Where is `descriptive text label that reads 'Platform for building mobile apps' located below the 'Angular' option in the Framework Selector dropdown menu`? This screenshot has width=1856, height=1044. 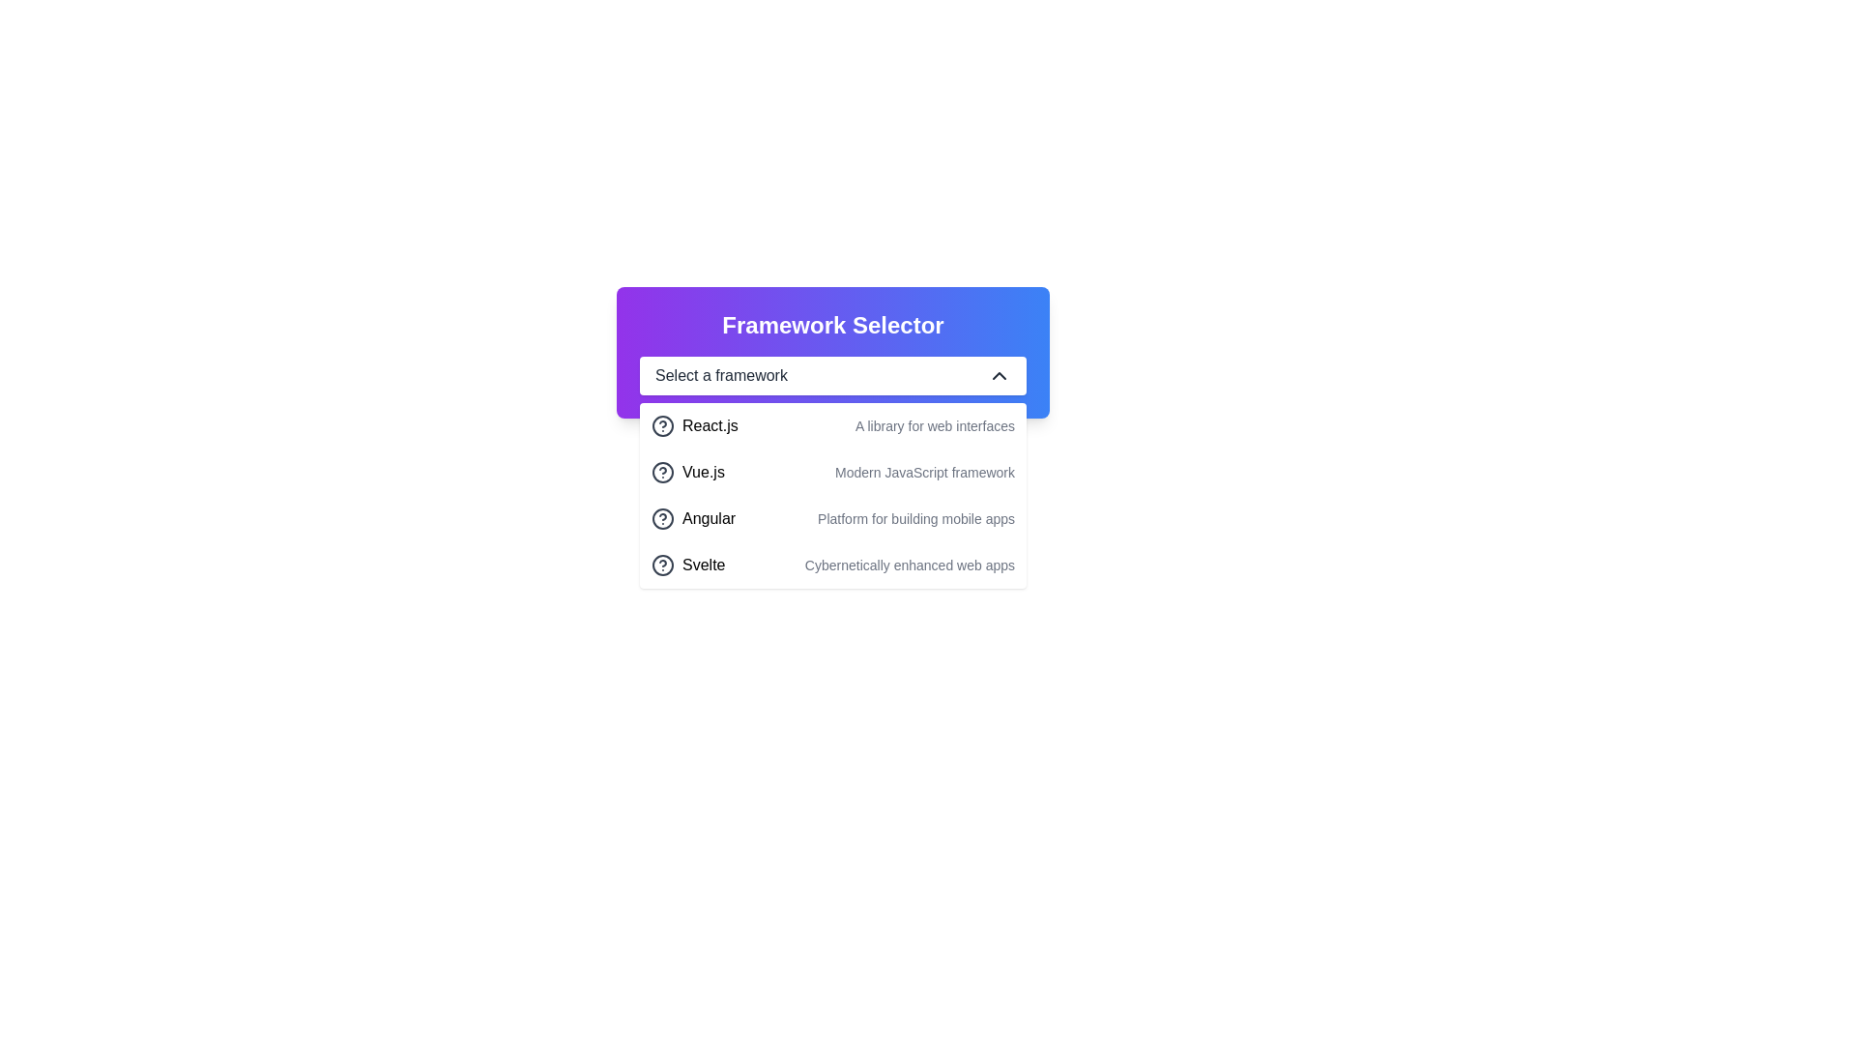 descriptive text label that reads 'Platform for building mobile apps' located below the 'Angular' option in the Framework Selector dropdown menu is located at coordinates (915, 517).